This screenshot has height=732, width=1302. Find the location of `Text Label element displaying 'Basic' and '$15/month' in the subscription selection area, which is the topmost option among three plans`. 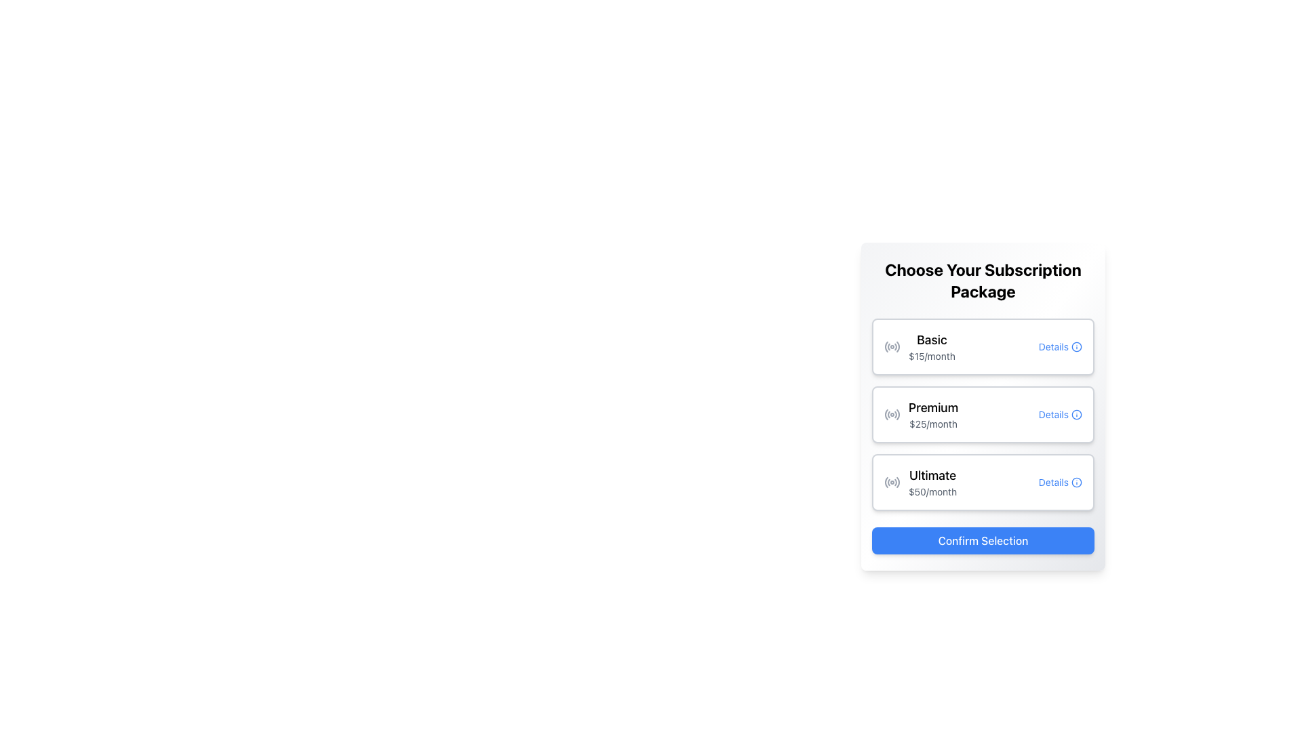

Text Label element displaying 'Basic' and '$15/month' in the subscription selection area, which is the topmost option among three plans is located at coordinates (931, 346).